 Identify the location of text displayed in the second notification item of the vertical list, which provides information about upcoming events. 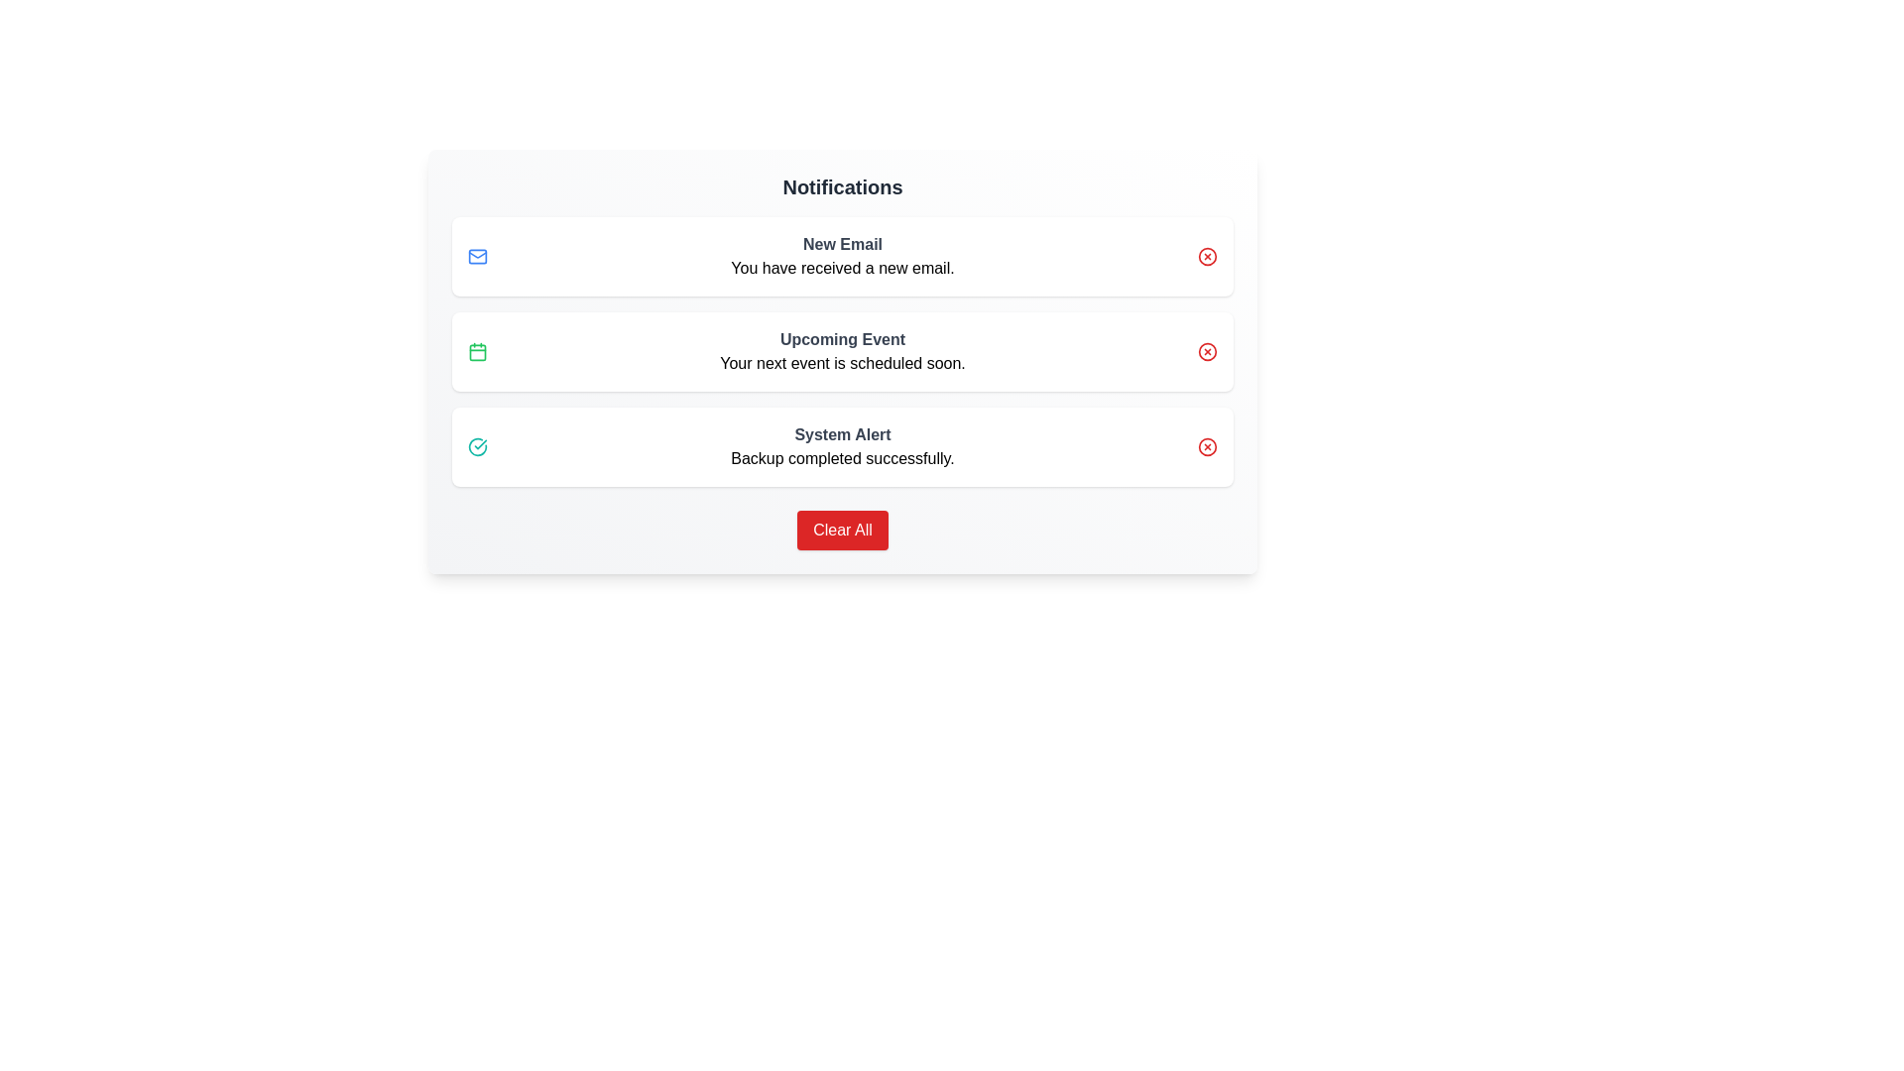
(842, 350).